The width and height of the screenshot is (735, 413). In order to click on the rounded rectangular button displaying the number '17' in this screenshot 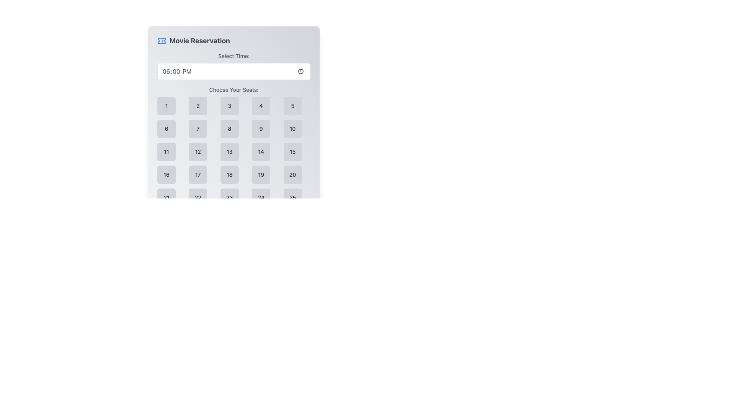, I will do `click(198, 174)`.